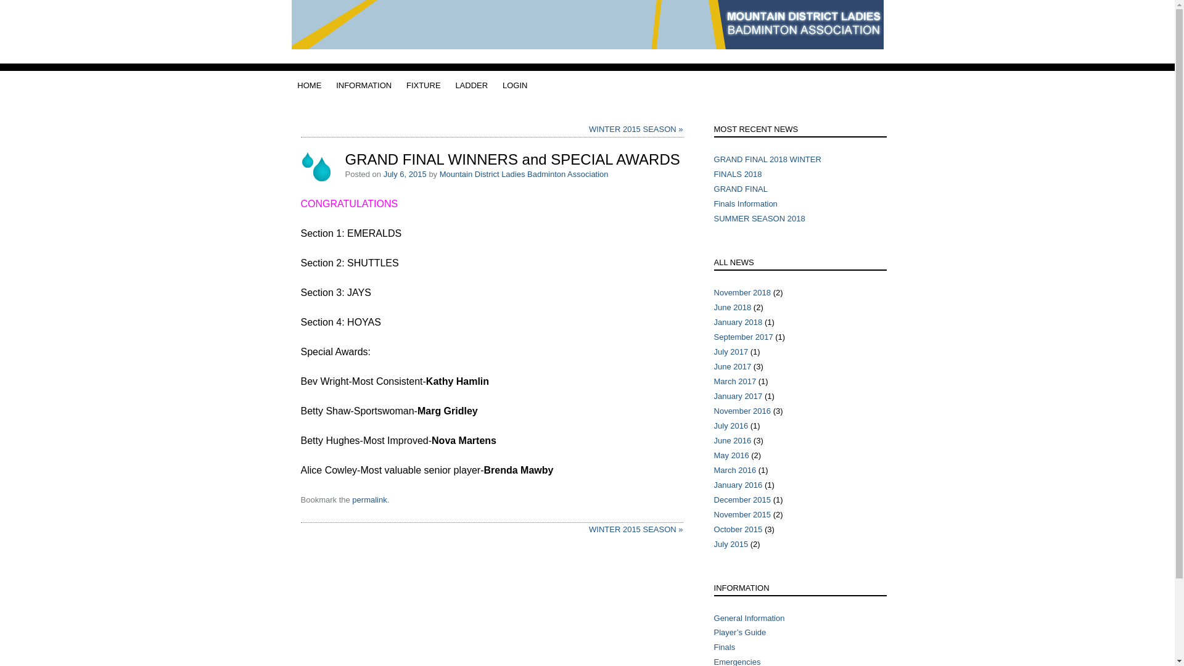 The image size is (1184, 666). Describe the element at coordinates (733, 366) in the screenshot. I see `'June 2017'` at that location.